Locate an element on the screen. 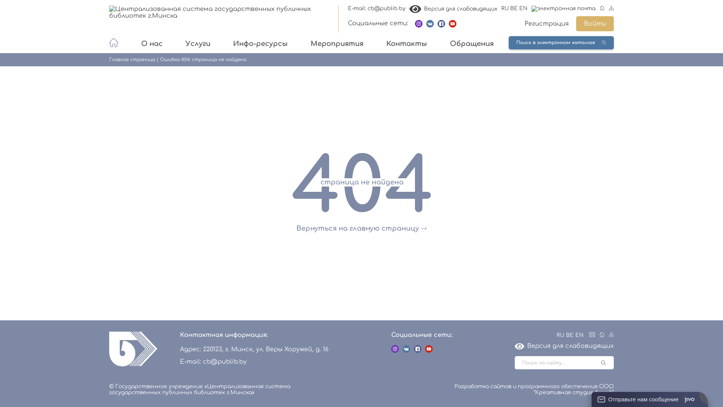  'BE' is located at coordinates (513, 8).